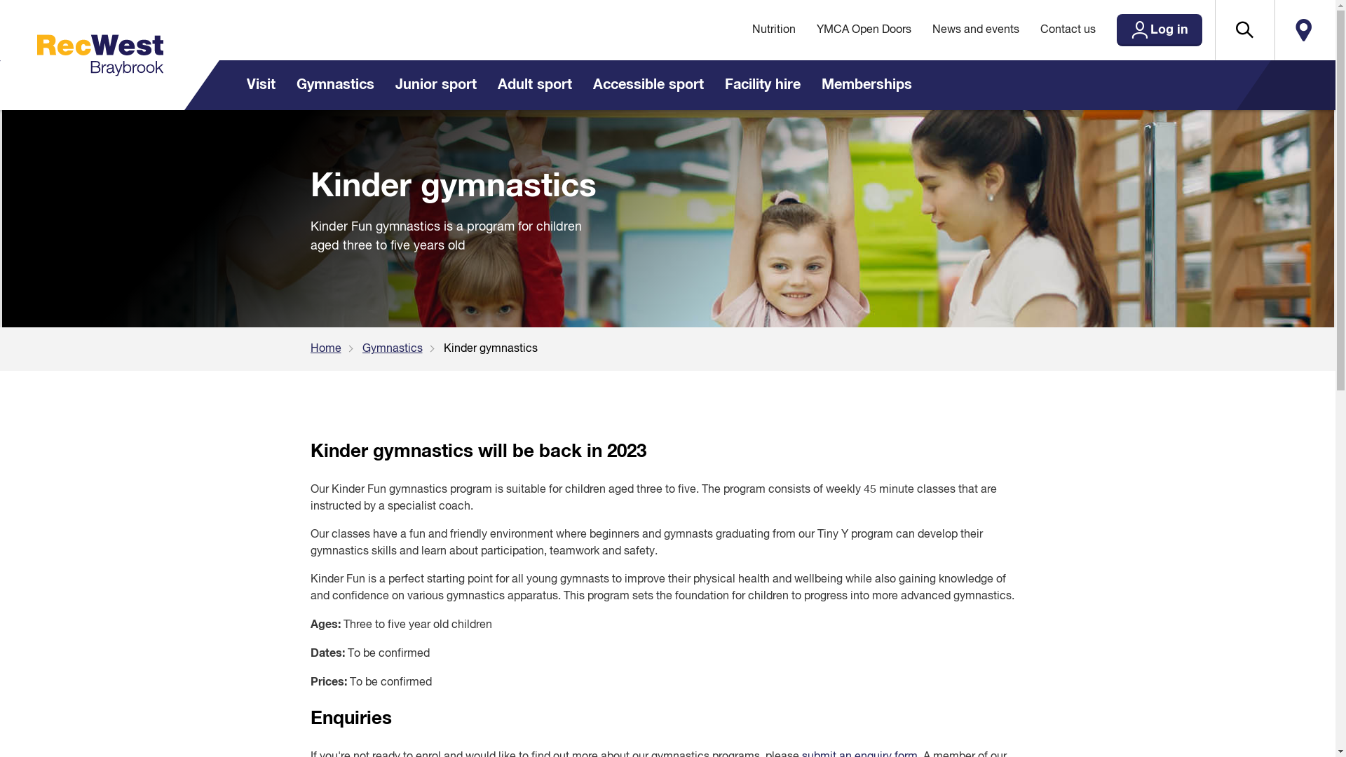 Image resolution: width=1346 pixels, height=757 pixels. Describe the element at coordinates (582, 85) in the screenshot. I see `'Accessible sport'` at that location.